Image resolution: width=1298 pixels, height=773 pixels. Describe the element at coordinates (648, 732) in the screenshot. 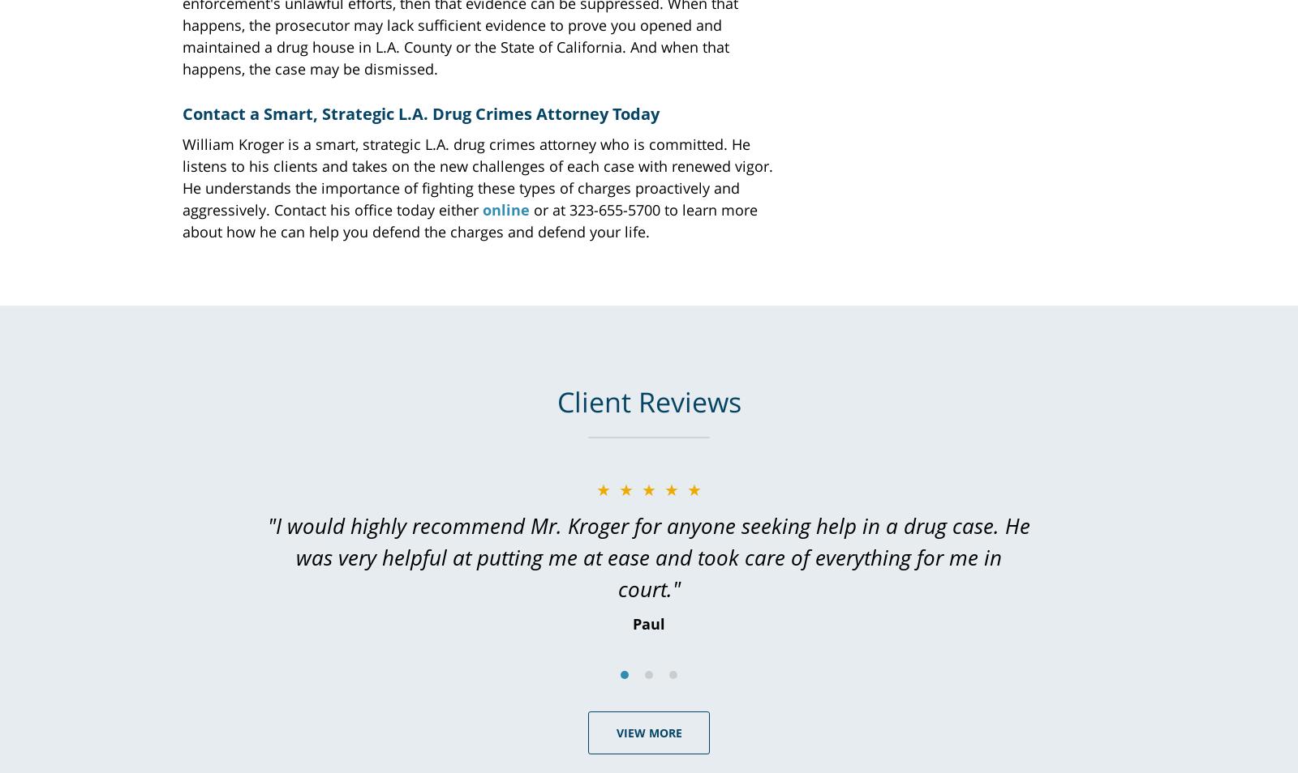

I see `'View More'` at that location.